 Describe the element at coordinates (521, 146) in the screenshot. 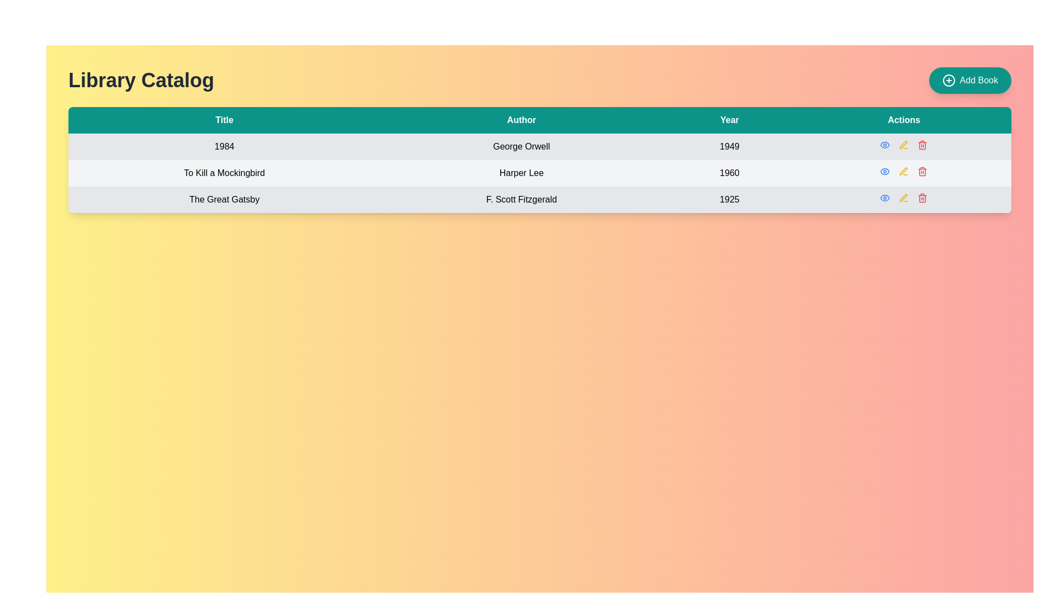

I see `the text label displaying 'George Orwell', which identifies the author of the book in the catalog` at that location.